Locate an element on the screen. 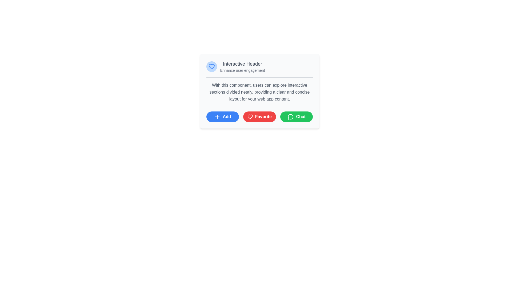  the favorite button, which is the second button among three horizontally aligned buttons is located at coordinates (259, 117).